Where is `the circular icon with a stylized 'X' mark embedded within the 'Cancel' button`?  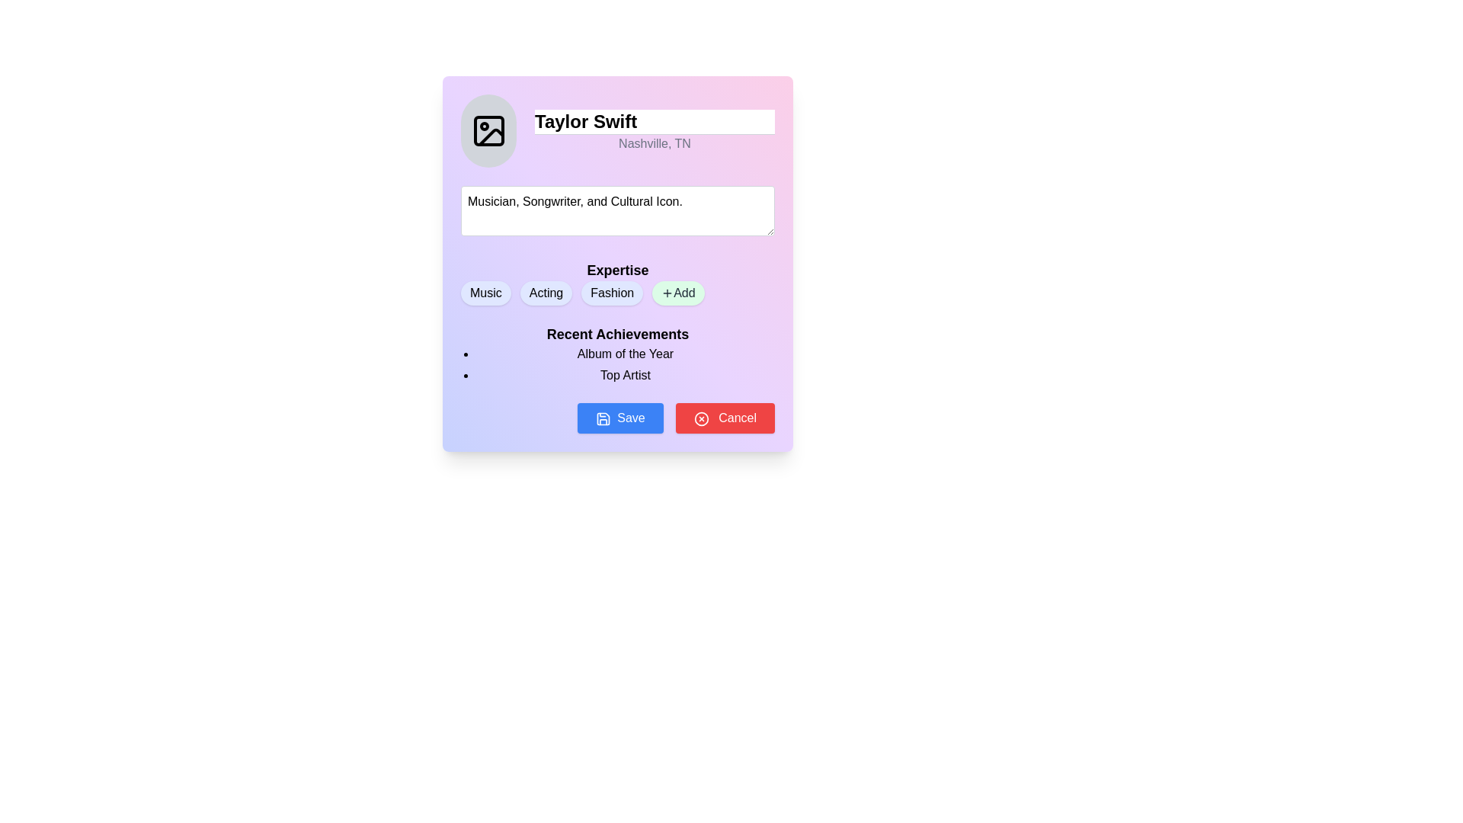 the circular icon with a stylized 'X' mark embedded within the 'Cancel' button is located at coordinates (700, 418).